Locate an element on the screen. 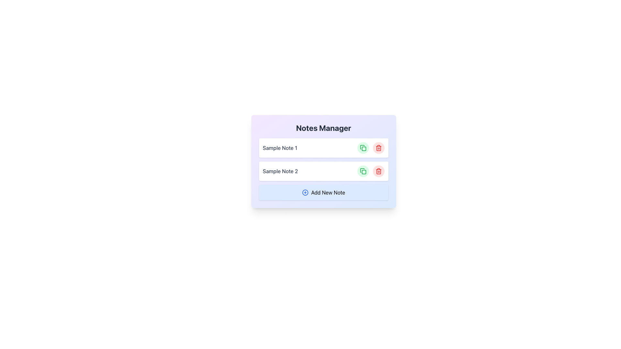 The height and width of the screenshot is (349, 621). the red trash can icon located in the controls of the second item row under 'Sample Note 2' is located at coordinates (378, 171).